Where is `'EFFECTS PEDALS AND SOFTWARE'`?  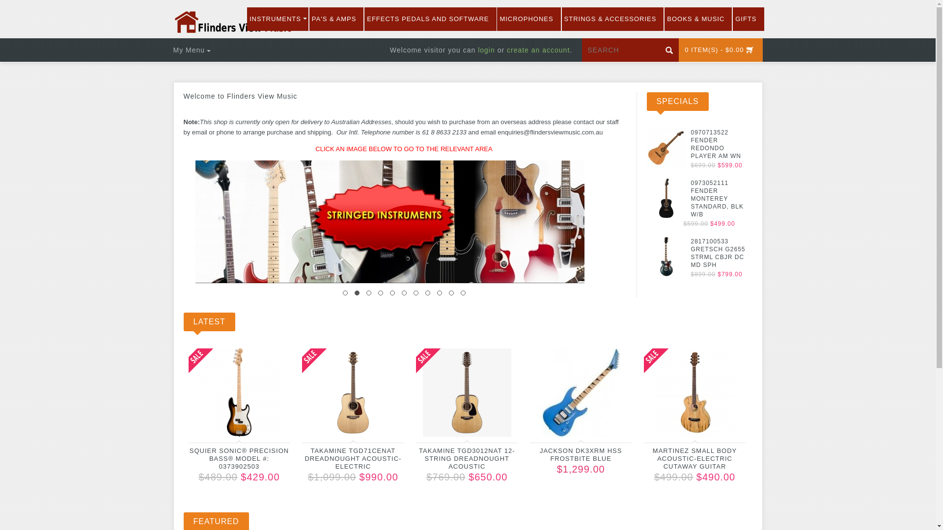
'EFFECTS PEDALS AND SOFTWARE' is located at coordinates (430, 19).